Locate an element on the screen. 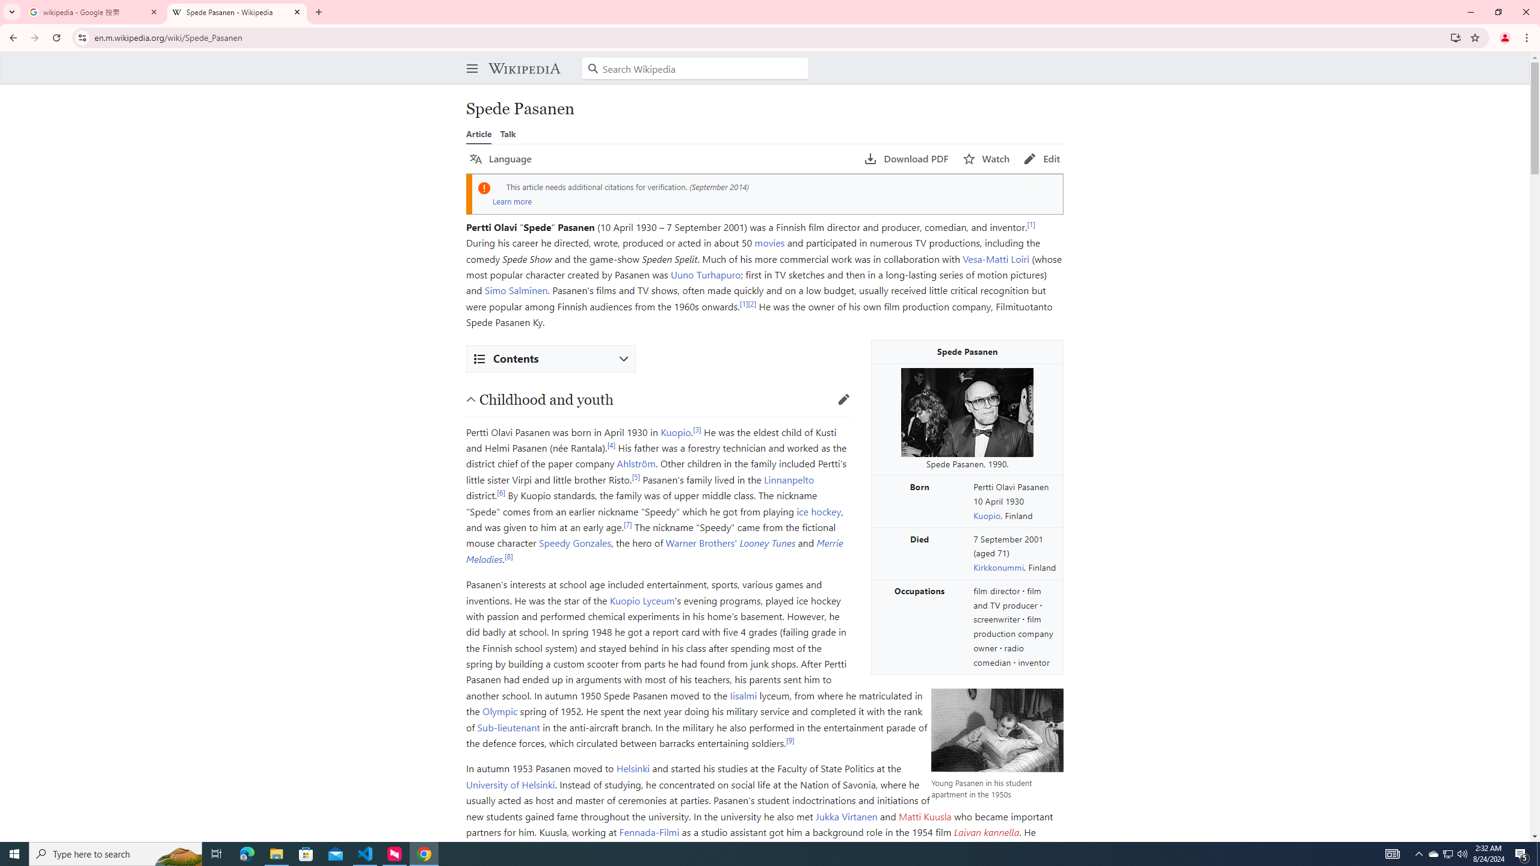  'Merrie Melodies' is located at coordinates (654, 550).